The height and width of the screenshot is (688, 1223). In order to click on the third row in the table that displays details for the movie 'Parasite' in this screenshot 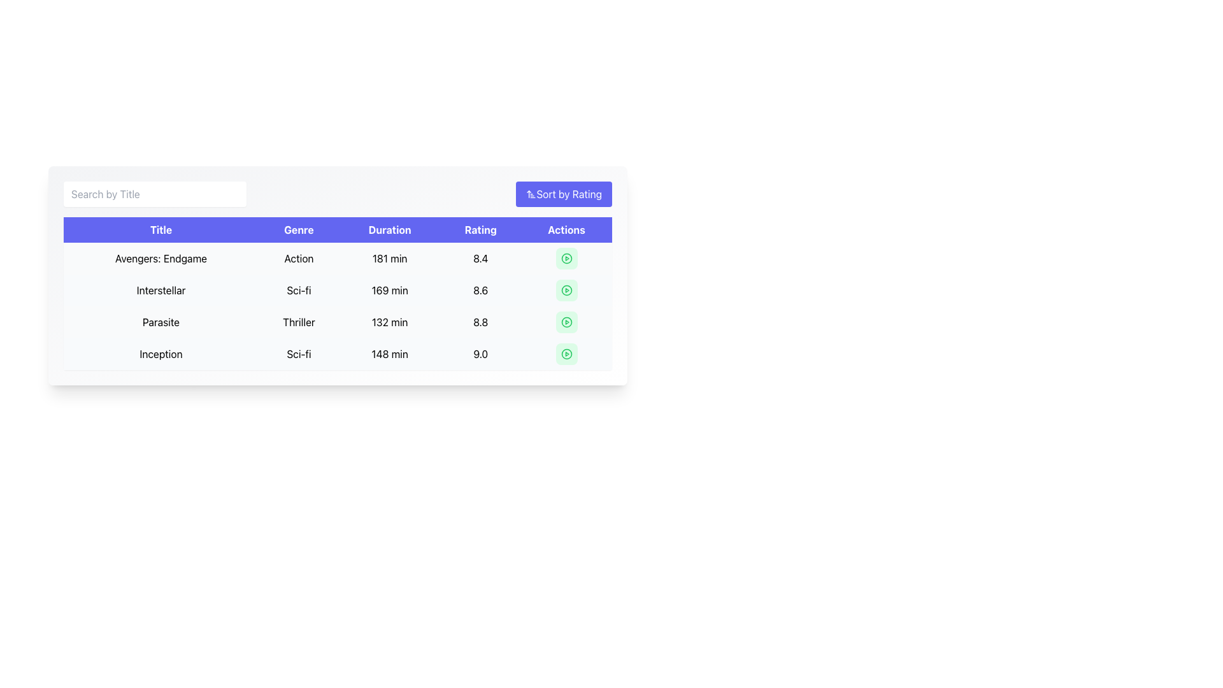, I will do `click(338, 321)`.